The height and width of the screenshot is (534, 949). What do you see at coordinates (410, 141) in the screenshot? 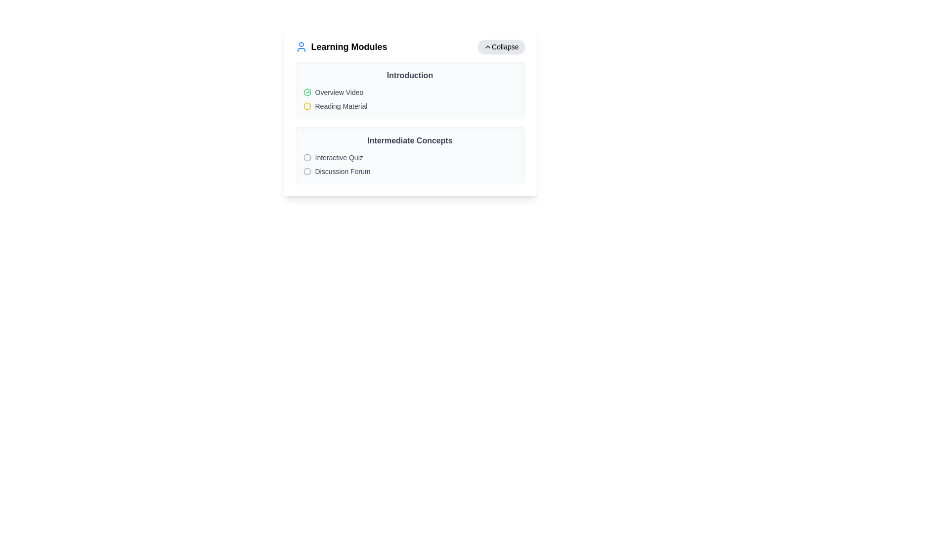
I see `the title or heading element that introduces intermediate concepts within the learning module, located horizontally centered beneath the 'Introduction' section` at bounding box center [410, 141].